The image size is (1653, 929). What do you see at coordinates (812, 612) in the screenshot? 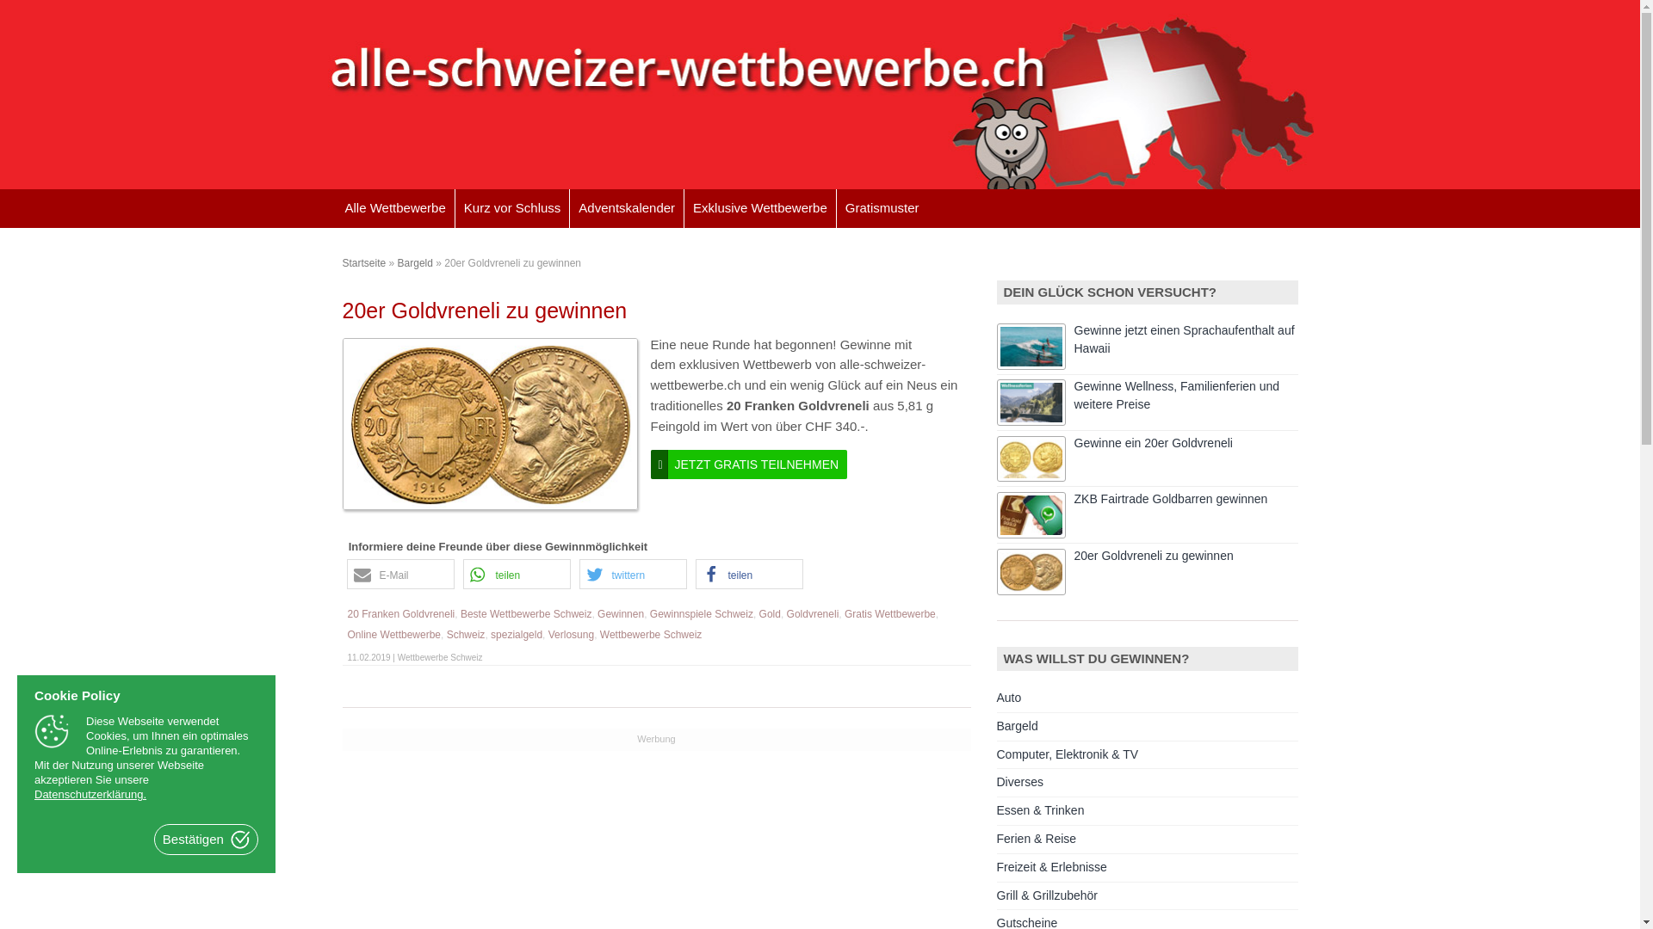
I see `'Goldvreneli'` at bounding box center [812, 612].